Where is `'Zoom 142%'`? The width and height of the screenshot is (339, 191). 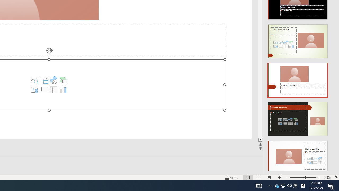
'Zoom 142%' is located at coordinates (327, 177).